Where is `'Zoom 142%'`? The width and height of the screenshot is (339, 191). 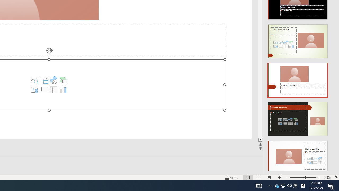
'Zoom 142%' is located at coordinates (327, 177).